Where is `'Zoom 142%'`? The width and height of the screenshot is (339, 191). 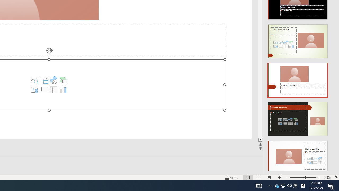
'Zoom 142%' is located at coordinates (327, 177).